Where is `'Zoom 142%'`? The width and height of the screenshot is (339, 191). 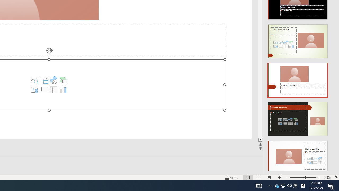
'Zoom 142%' is located at coordinates (327, 177).